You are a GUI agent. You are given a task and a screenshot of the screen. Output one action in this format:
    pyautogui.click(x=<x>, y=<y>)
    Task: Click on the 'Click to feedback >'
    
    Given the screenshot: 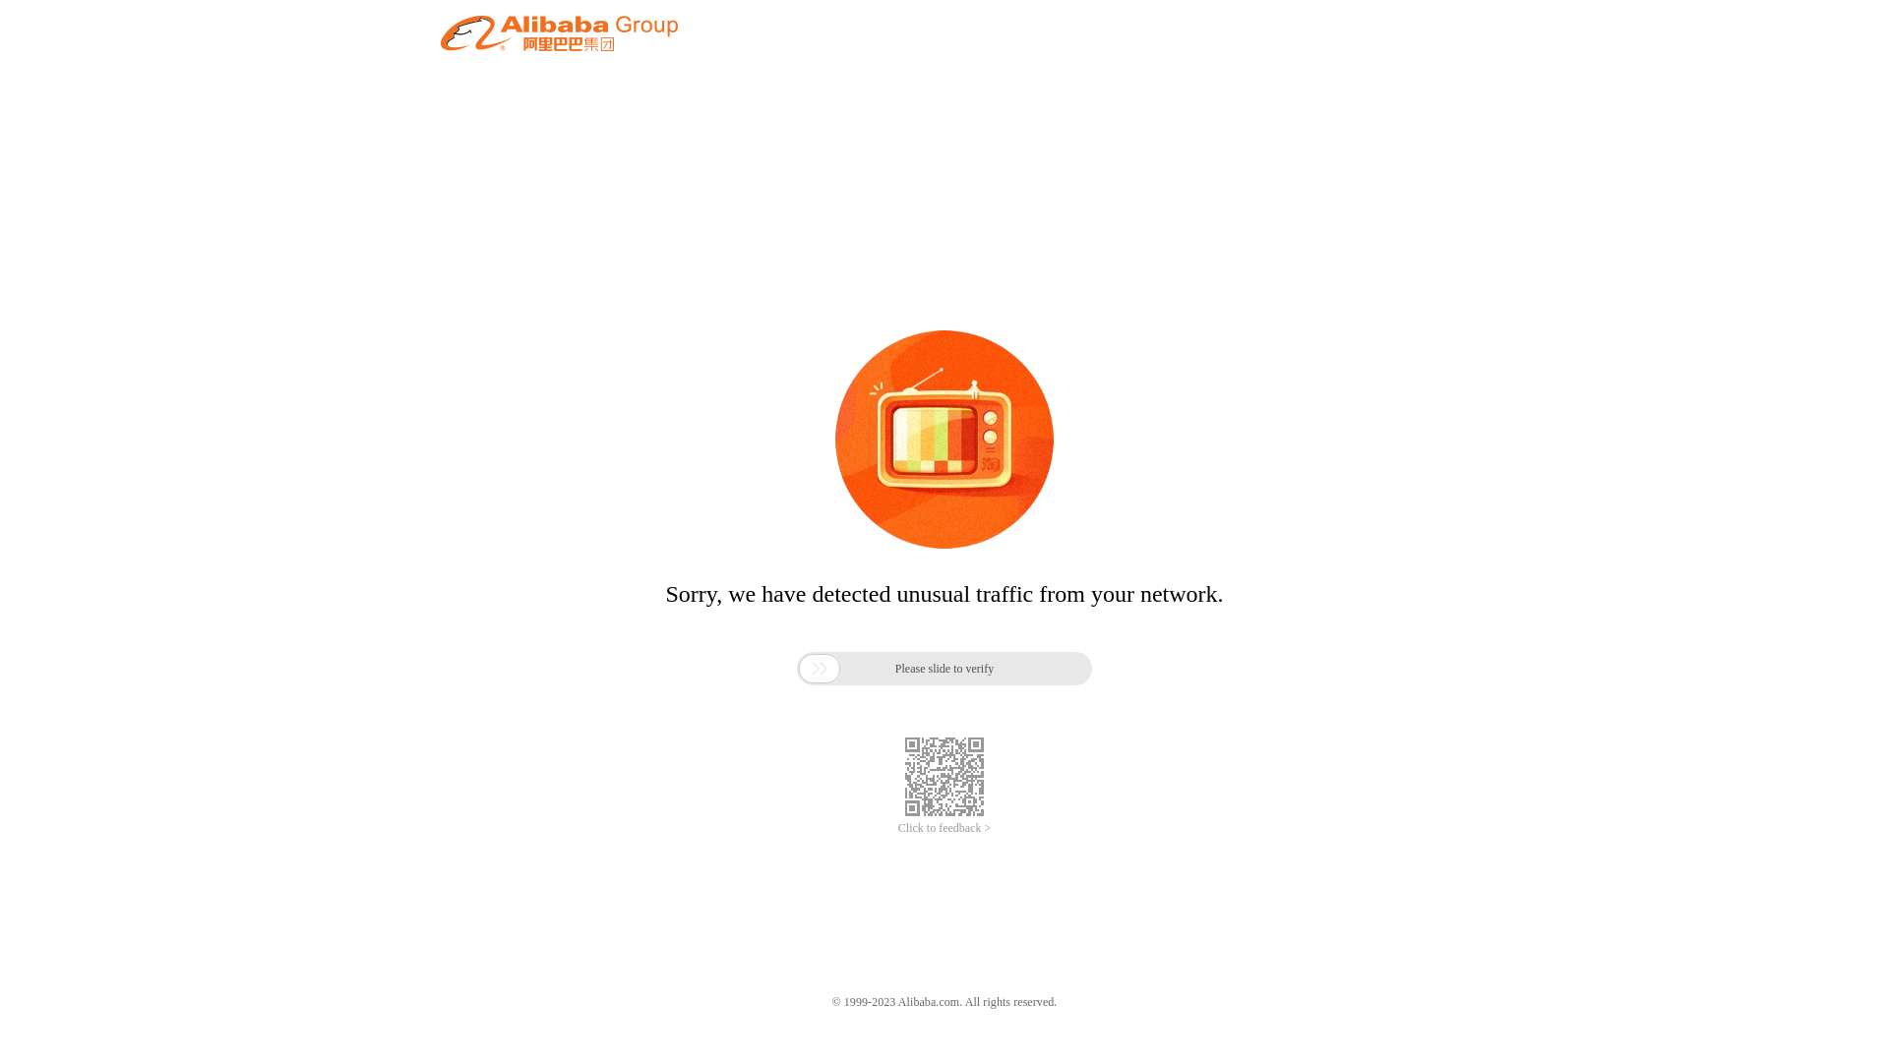 What is the action you would take?
    pyautogui.click(x=944, y=828)
    